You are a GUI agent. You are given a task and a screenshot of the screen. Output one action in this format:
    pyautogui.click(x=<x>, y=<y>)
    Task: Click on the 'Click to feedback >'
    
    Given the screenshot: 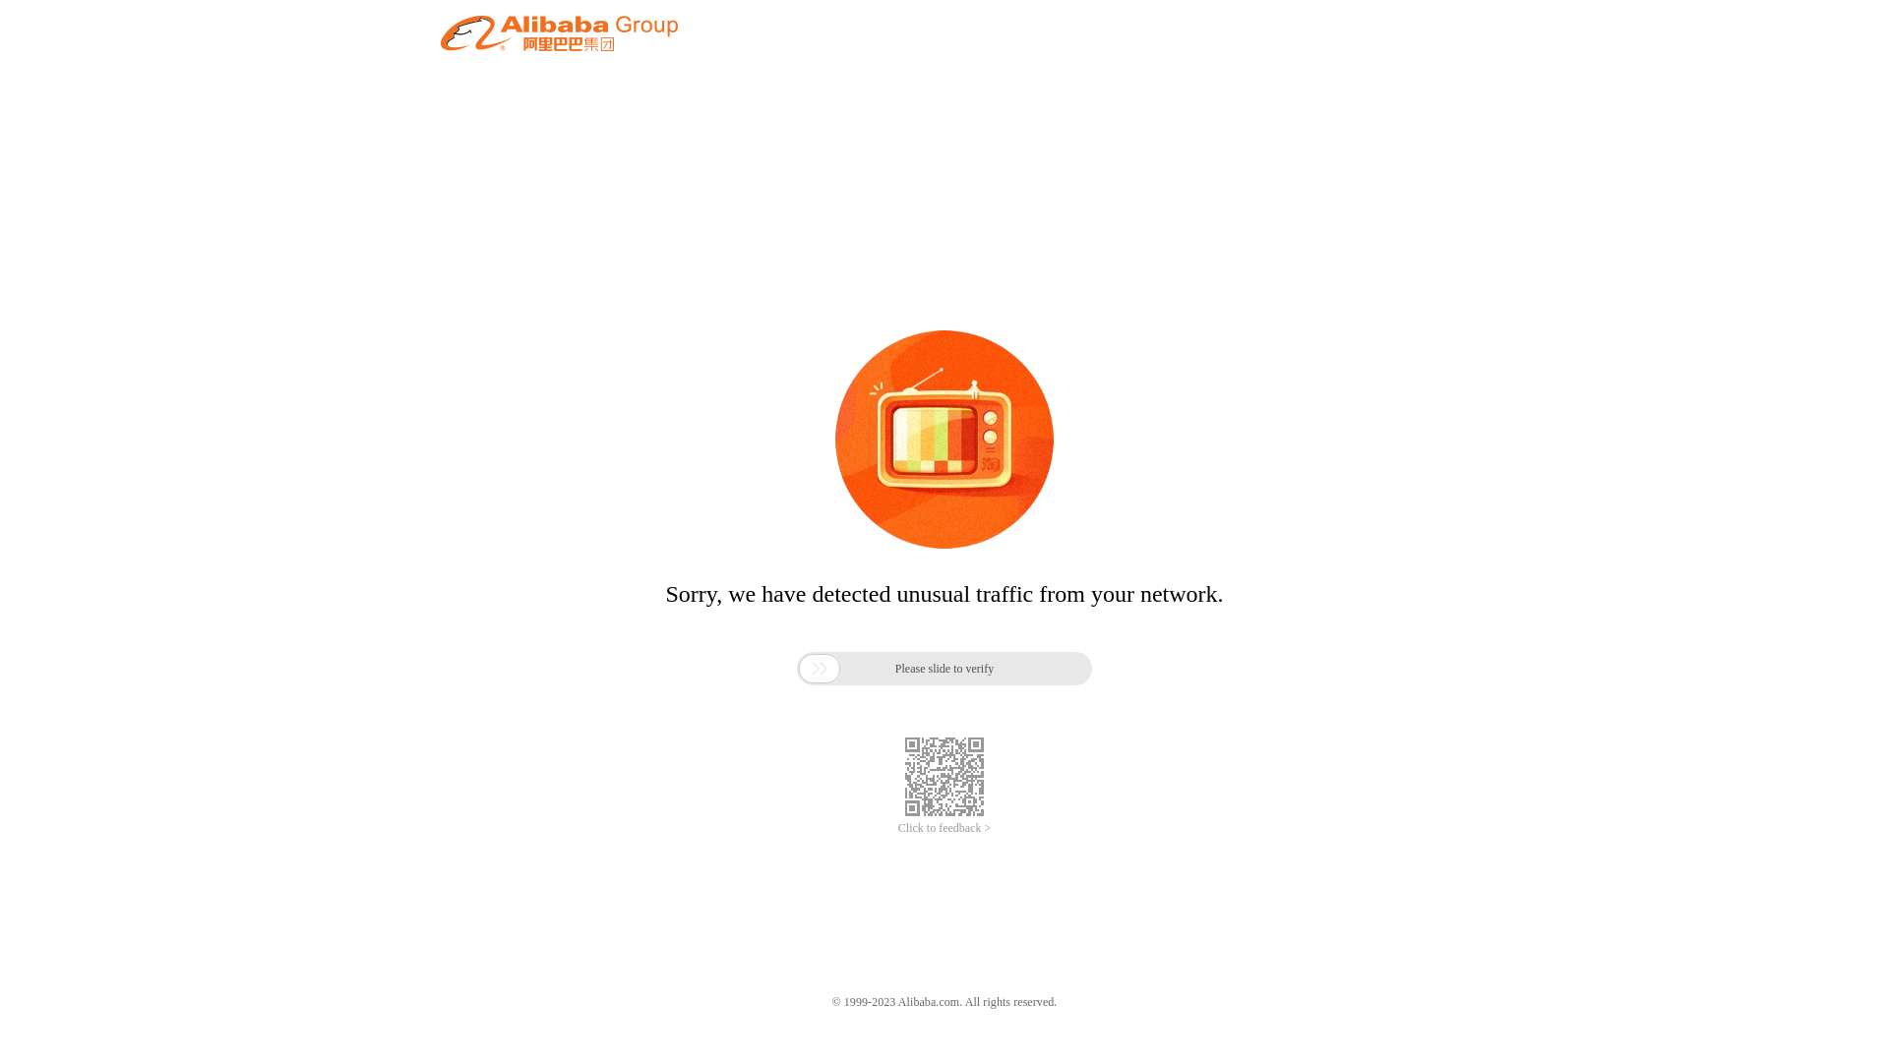 What is the action you would take?
    pyautogui.click(x=944, y=828)
    